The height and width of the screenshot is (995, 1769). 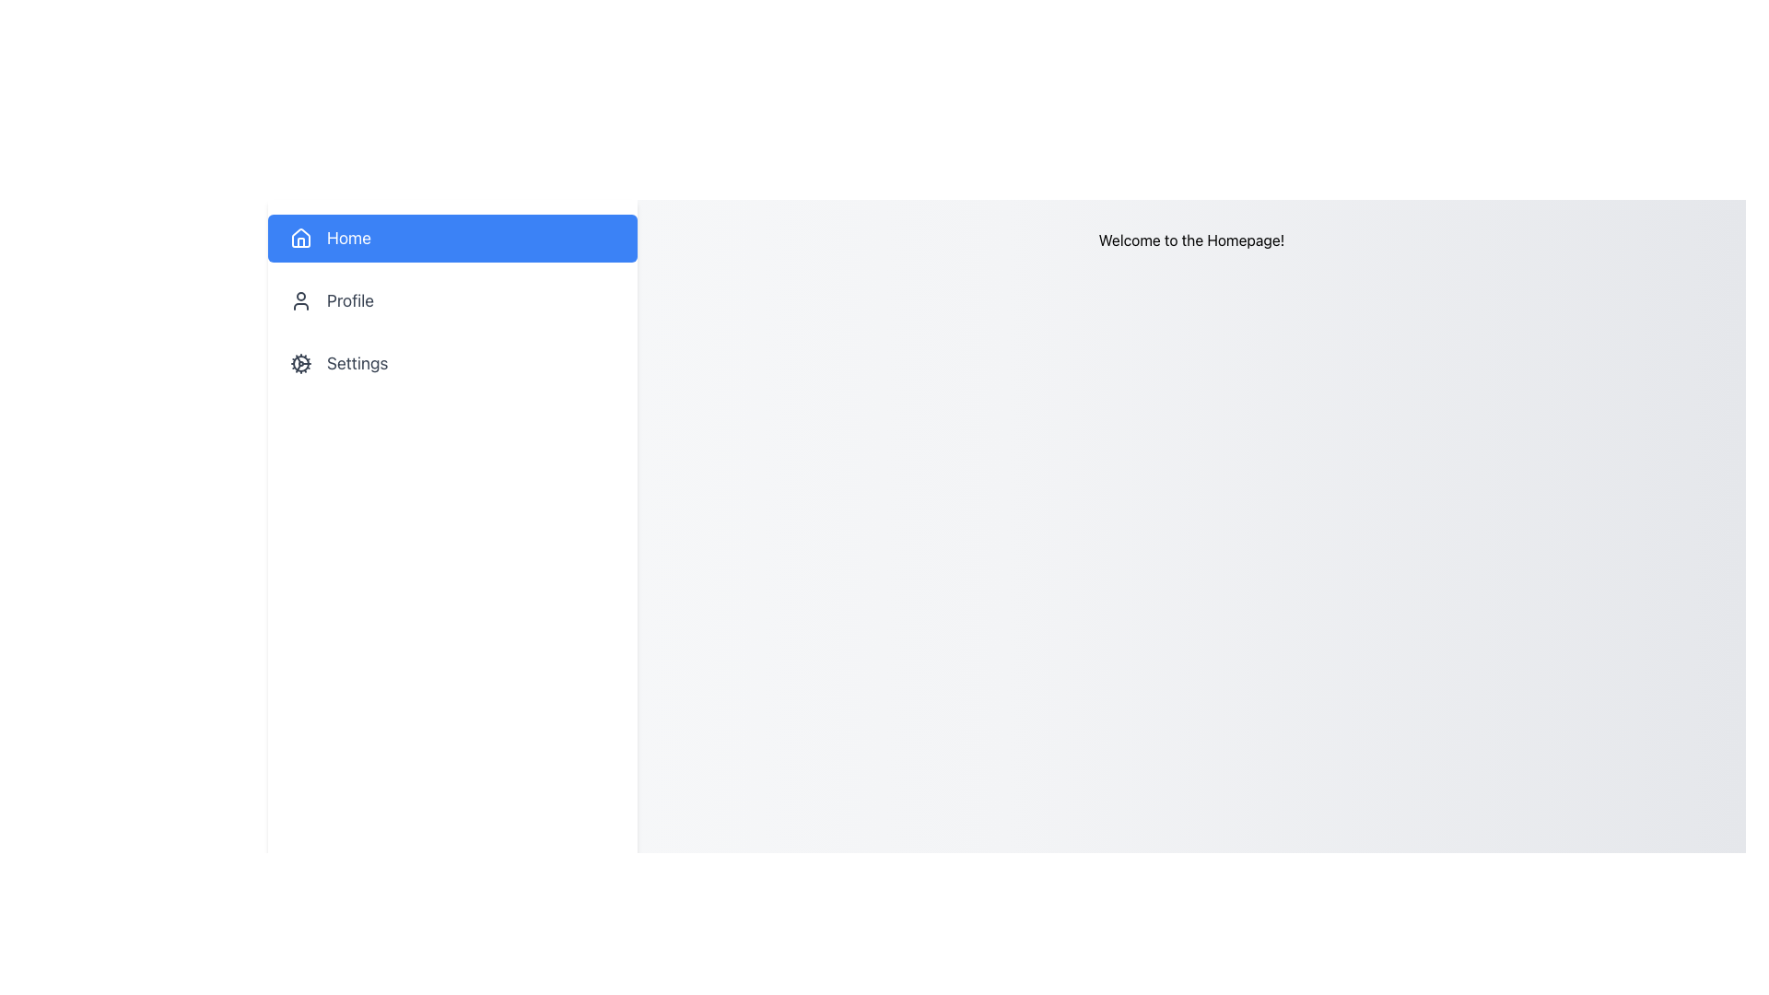 I want to click on the 'Profile' button, which is the second item in the vertical menu on the left, positioned below the 'Home' entry and above the 'Settings' entry, so click(x=452, y=300).